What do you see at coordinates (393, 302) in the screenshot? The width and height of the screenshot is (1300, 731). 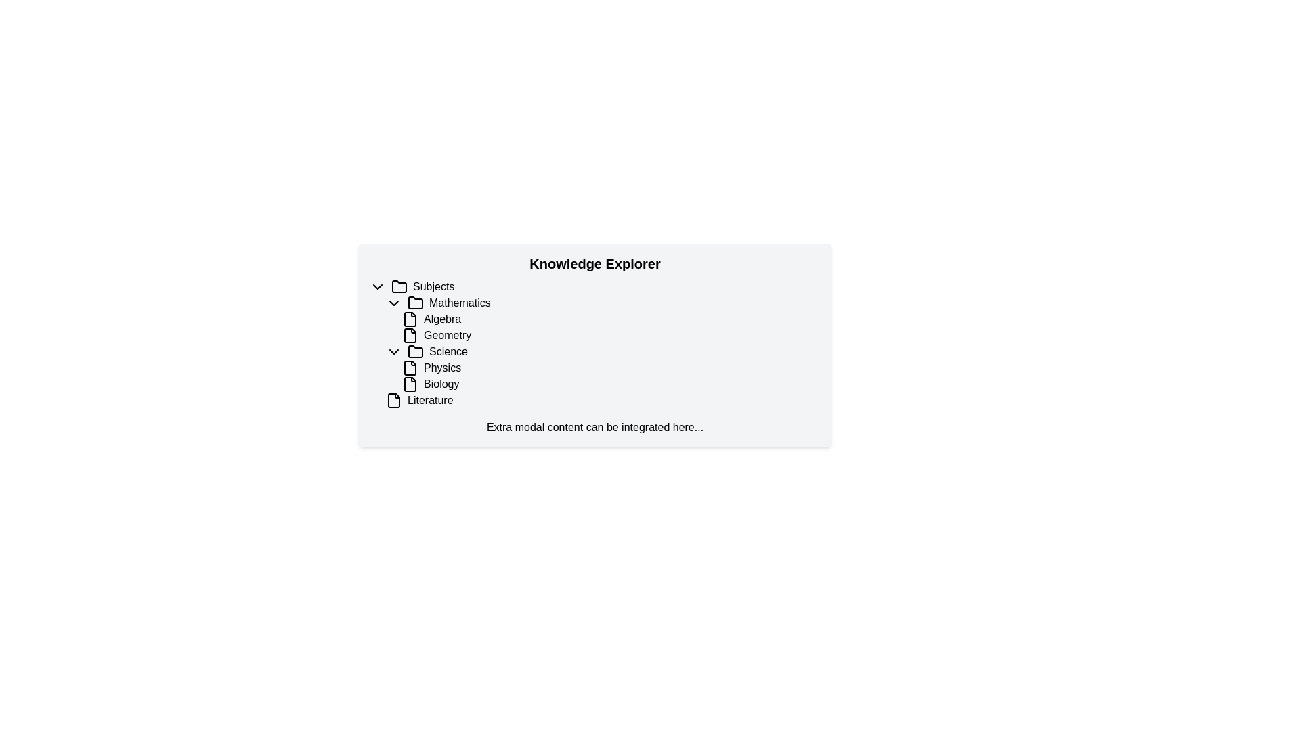 I see `the Dropdown toggle icon` at bounding box center [393, 302].